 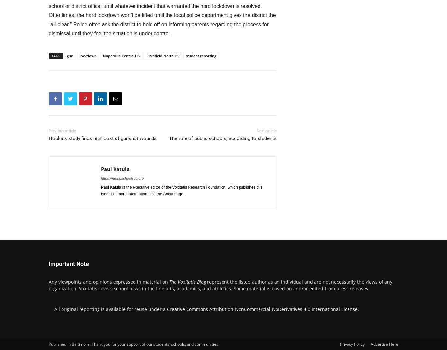 I want to click on 'represent the listed author as an individual and are not necessarily the views of any organization. Voxitatis covers school news in the fine arts, academics, and athletics. Some material is based on and/or edited from press releases.', so click(x=220, y=284).